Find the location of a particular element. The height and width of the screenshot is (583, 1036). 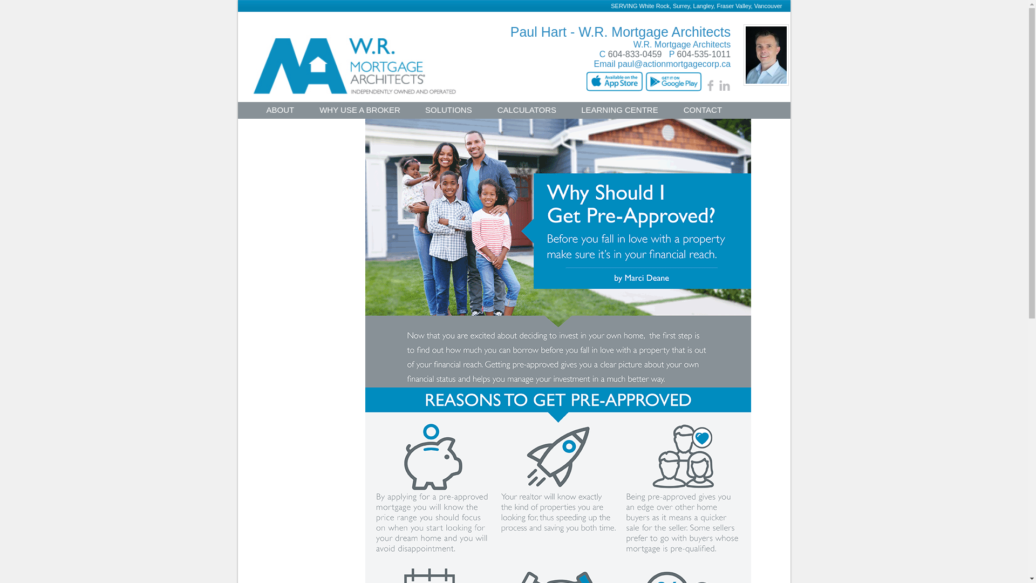

'SOLUTIONS' is located at coordinates (448, 112).